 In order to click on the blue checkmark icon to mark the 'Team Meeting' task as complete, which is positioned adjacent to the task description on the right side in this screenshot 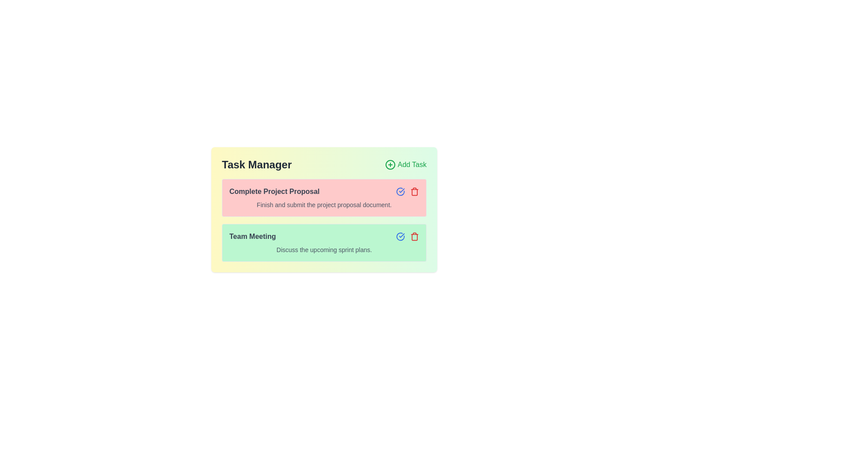, I will do `click(407, 236)`.